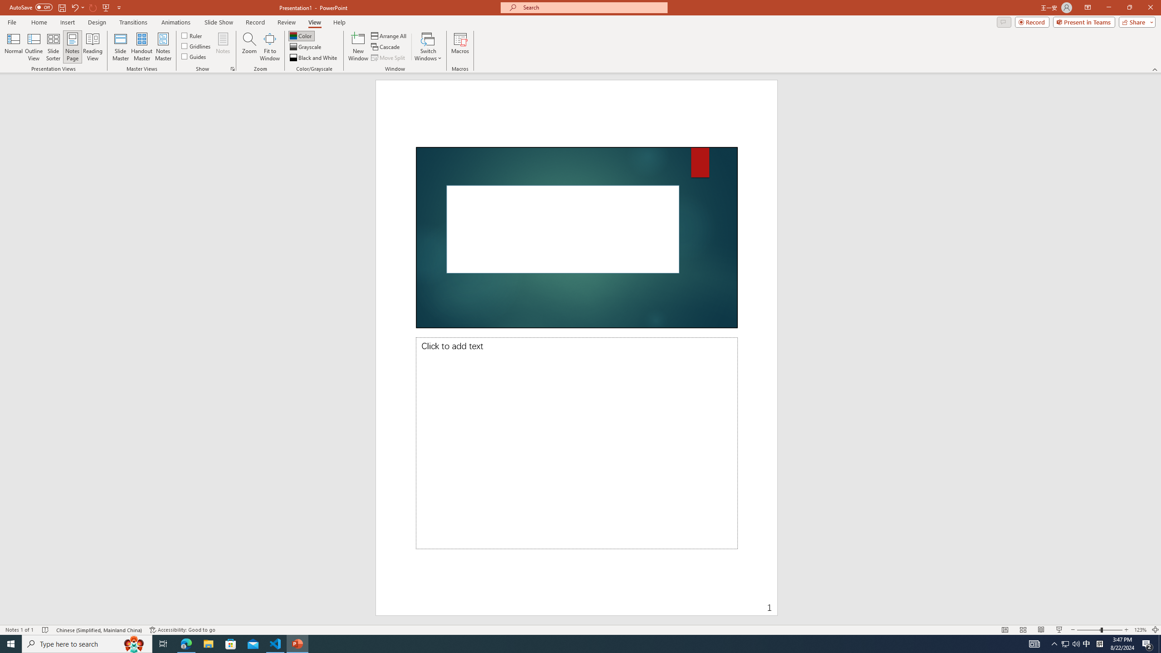 Image resolution: width=1161 pixels, height=653 pixels. What do you see at coordinates (194, 55) in the screenshot?
I see `'Guides'` at bounding box center [194, 55].